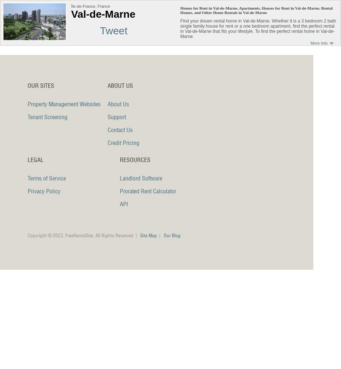  I want to click on 'Homes for Rent in Val-de-Marne, Apartments, Houses for Rent in Val-de-Marne, Rental Homes, and Other Home Rentals in Val-de-Marne', so click(256, 10).